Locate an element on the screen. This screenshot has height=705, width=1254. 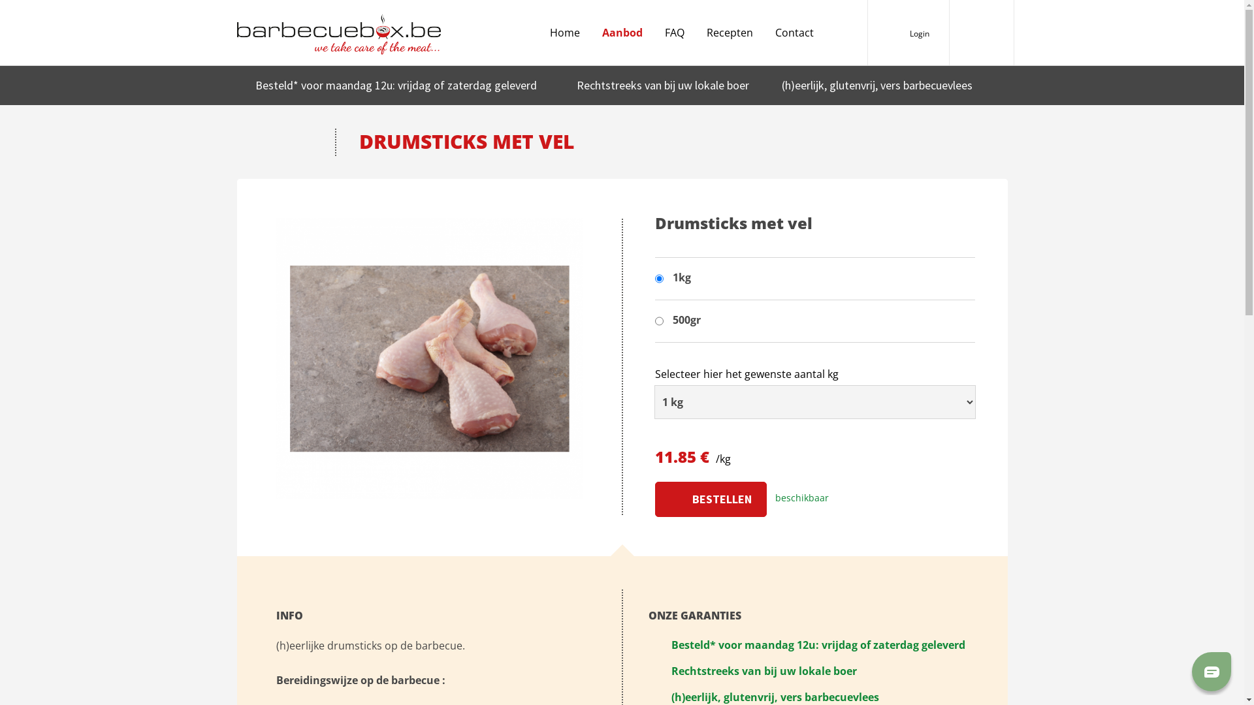
'Aanbod' is located at coordinates (622, 32).